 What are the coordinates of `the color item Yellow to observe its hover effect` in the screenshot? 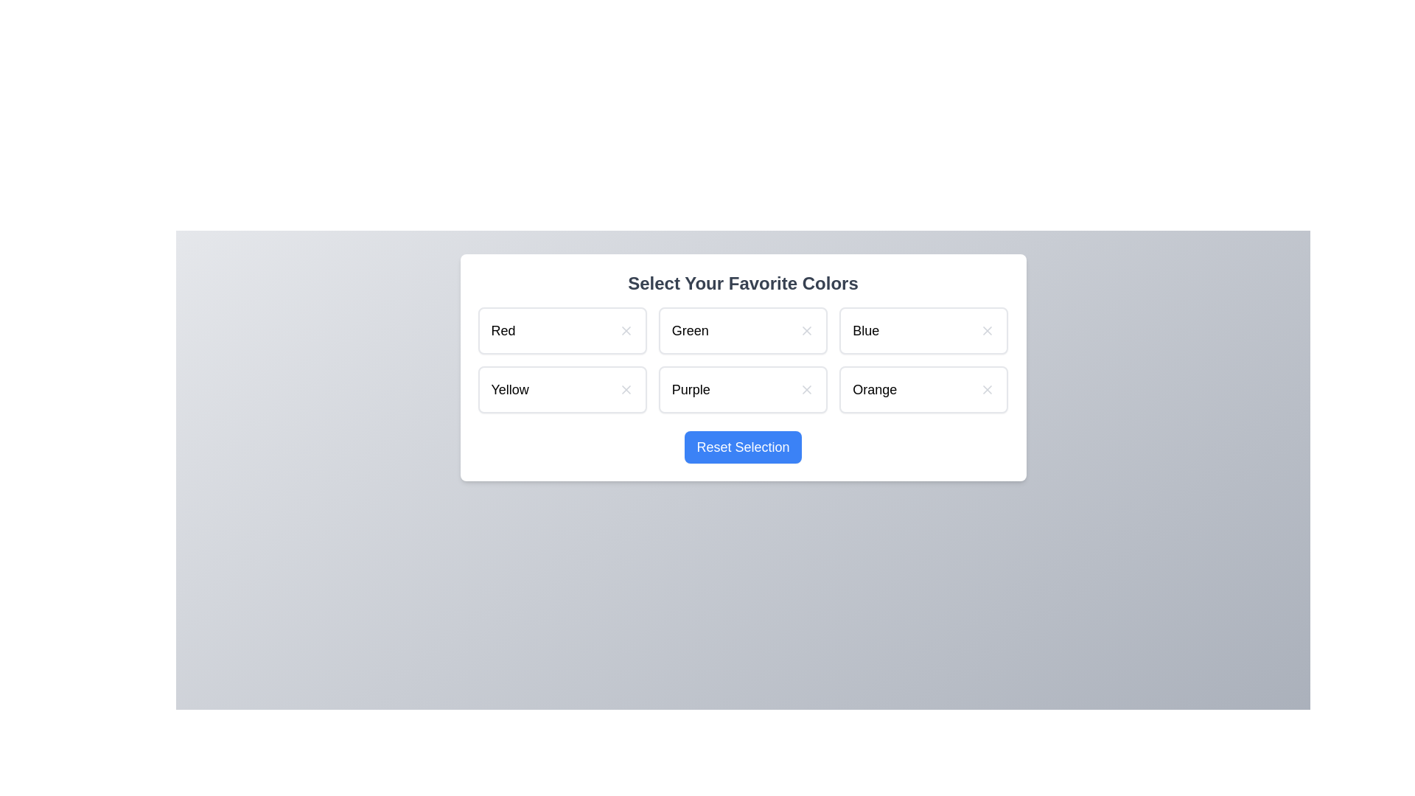 It's located at (562, 388).